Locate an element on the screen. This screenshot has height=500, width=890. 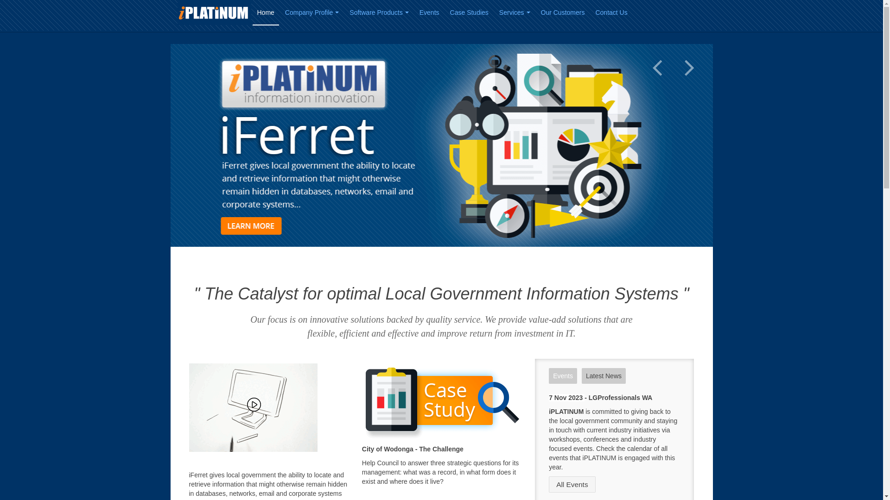
'Our Customers' is located at coordinates (562, 12).